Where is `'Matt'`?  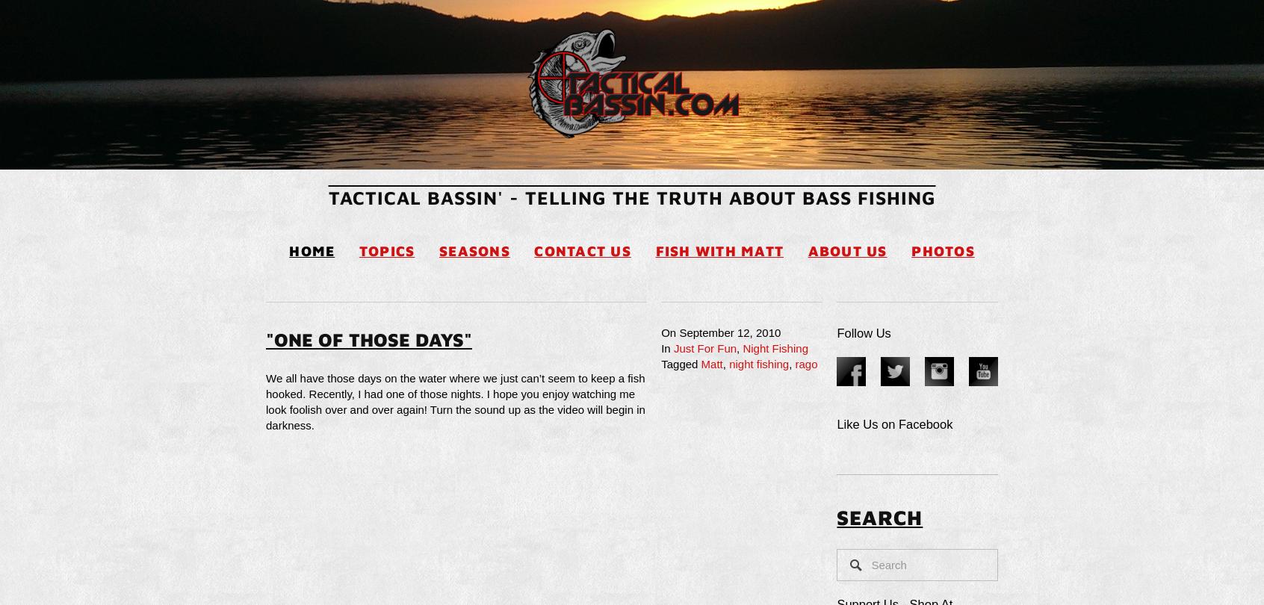 'Matt' is located at coordinates (711, 364).